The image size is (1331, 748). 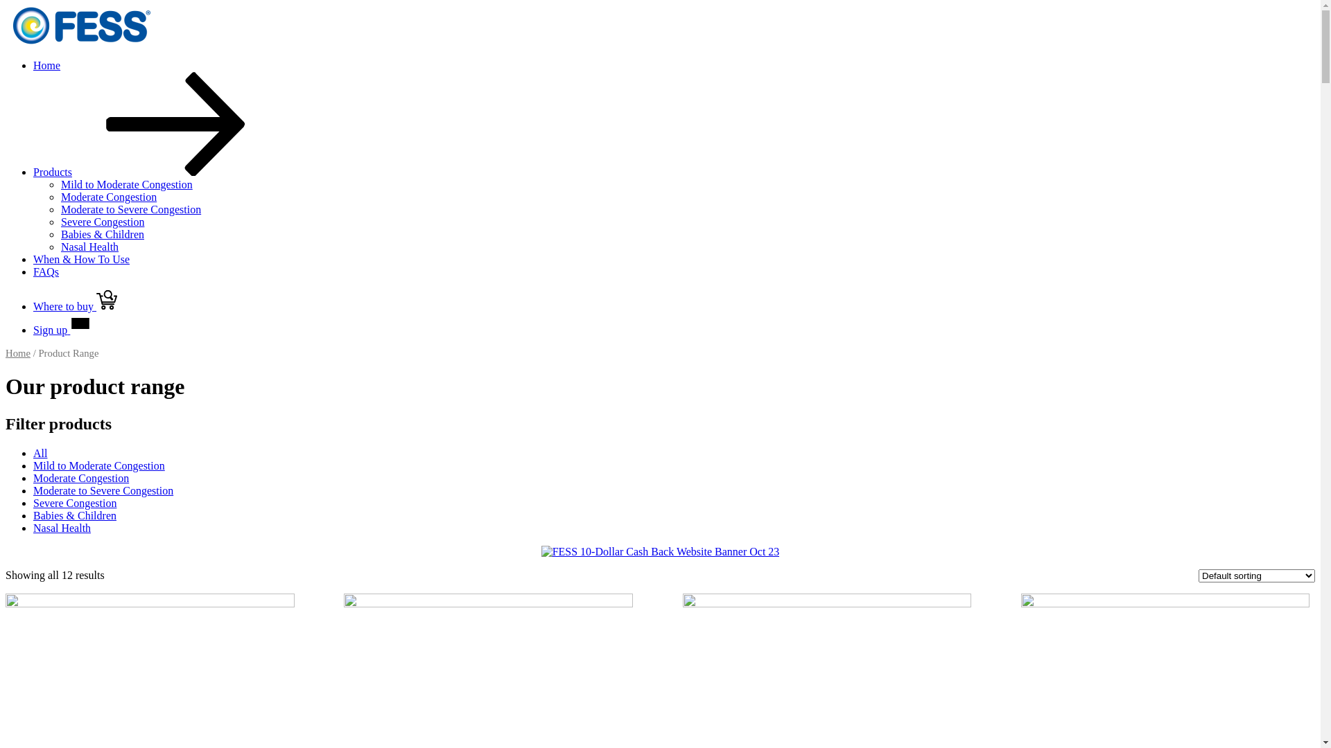 I want to click on 'Moderate to Severe Congestion', so click(x=130, y=209).